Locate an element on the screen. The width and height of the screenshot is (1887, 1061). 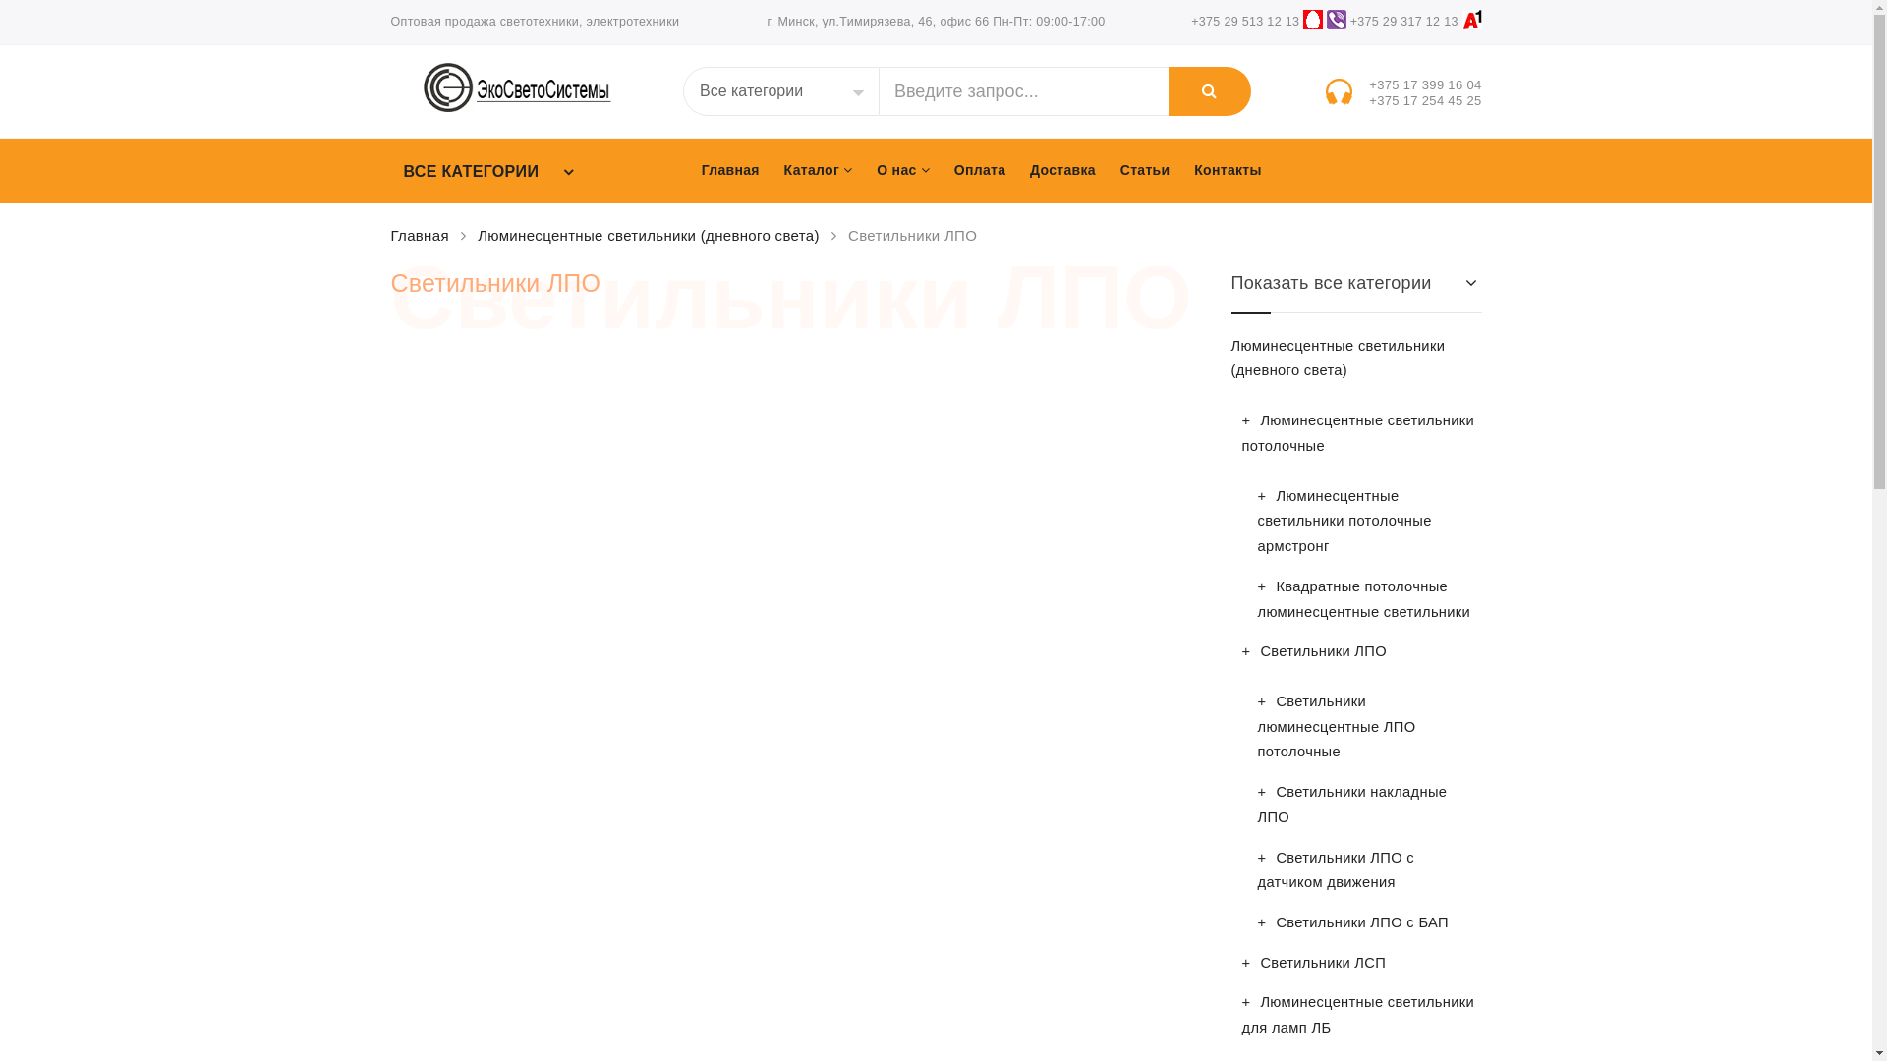
'+375 29 513 12 13' is located at coordinates (1189, 22).